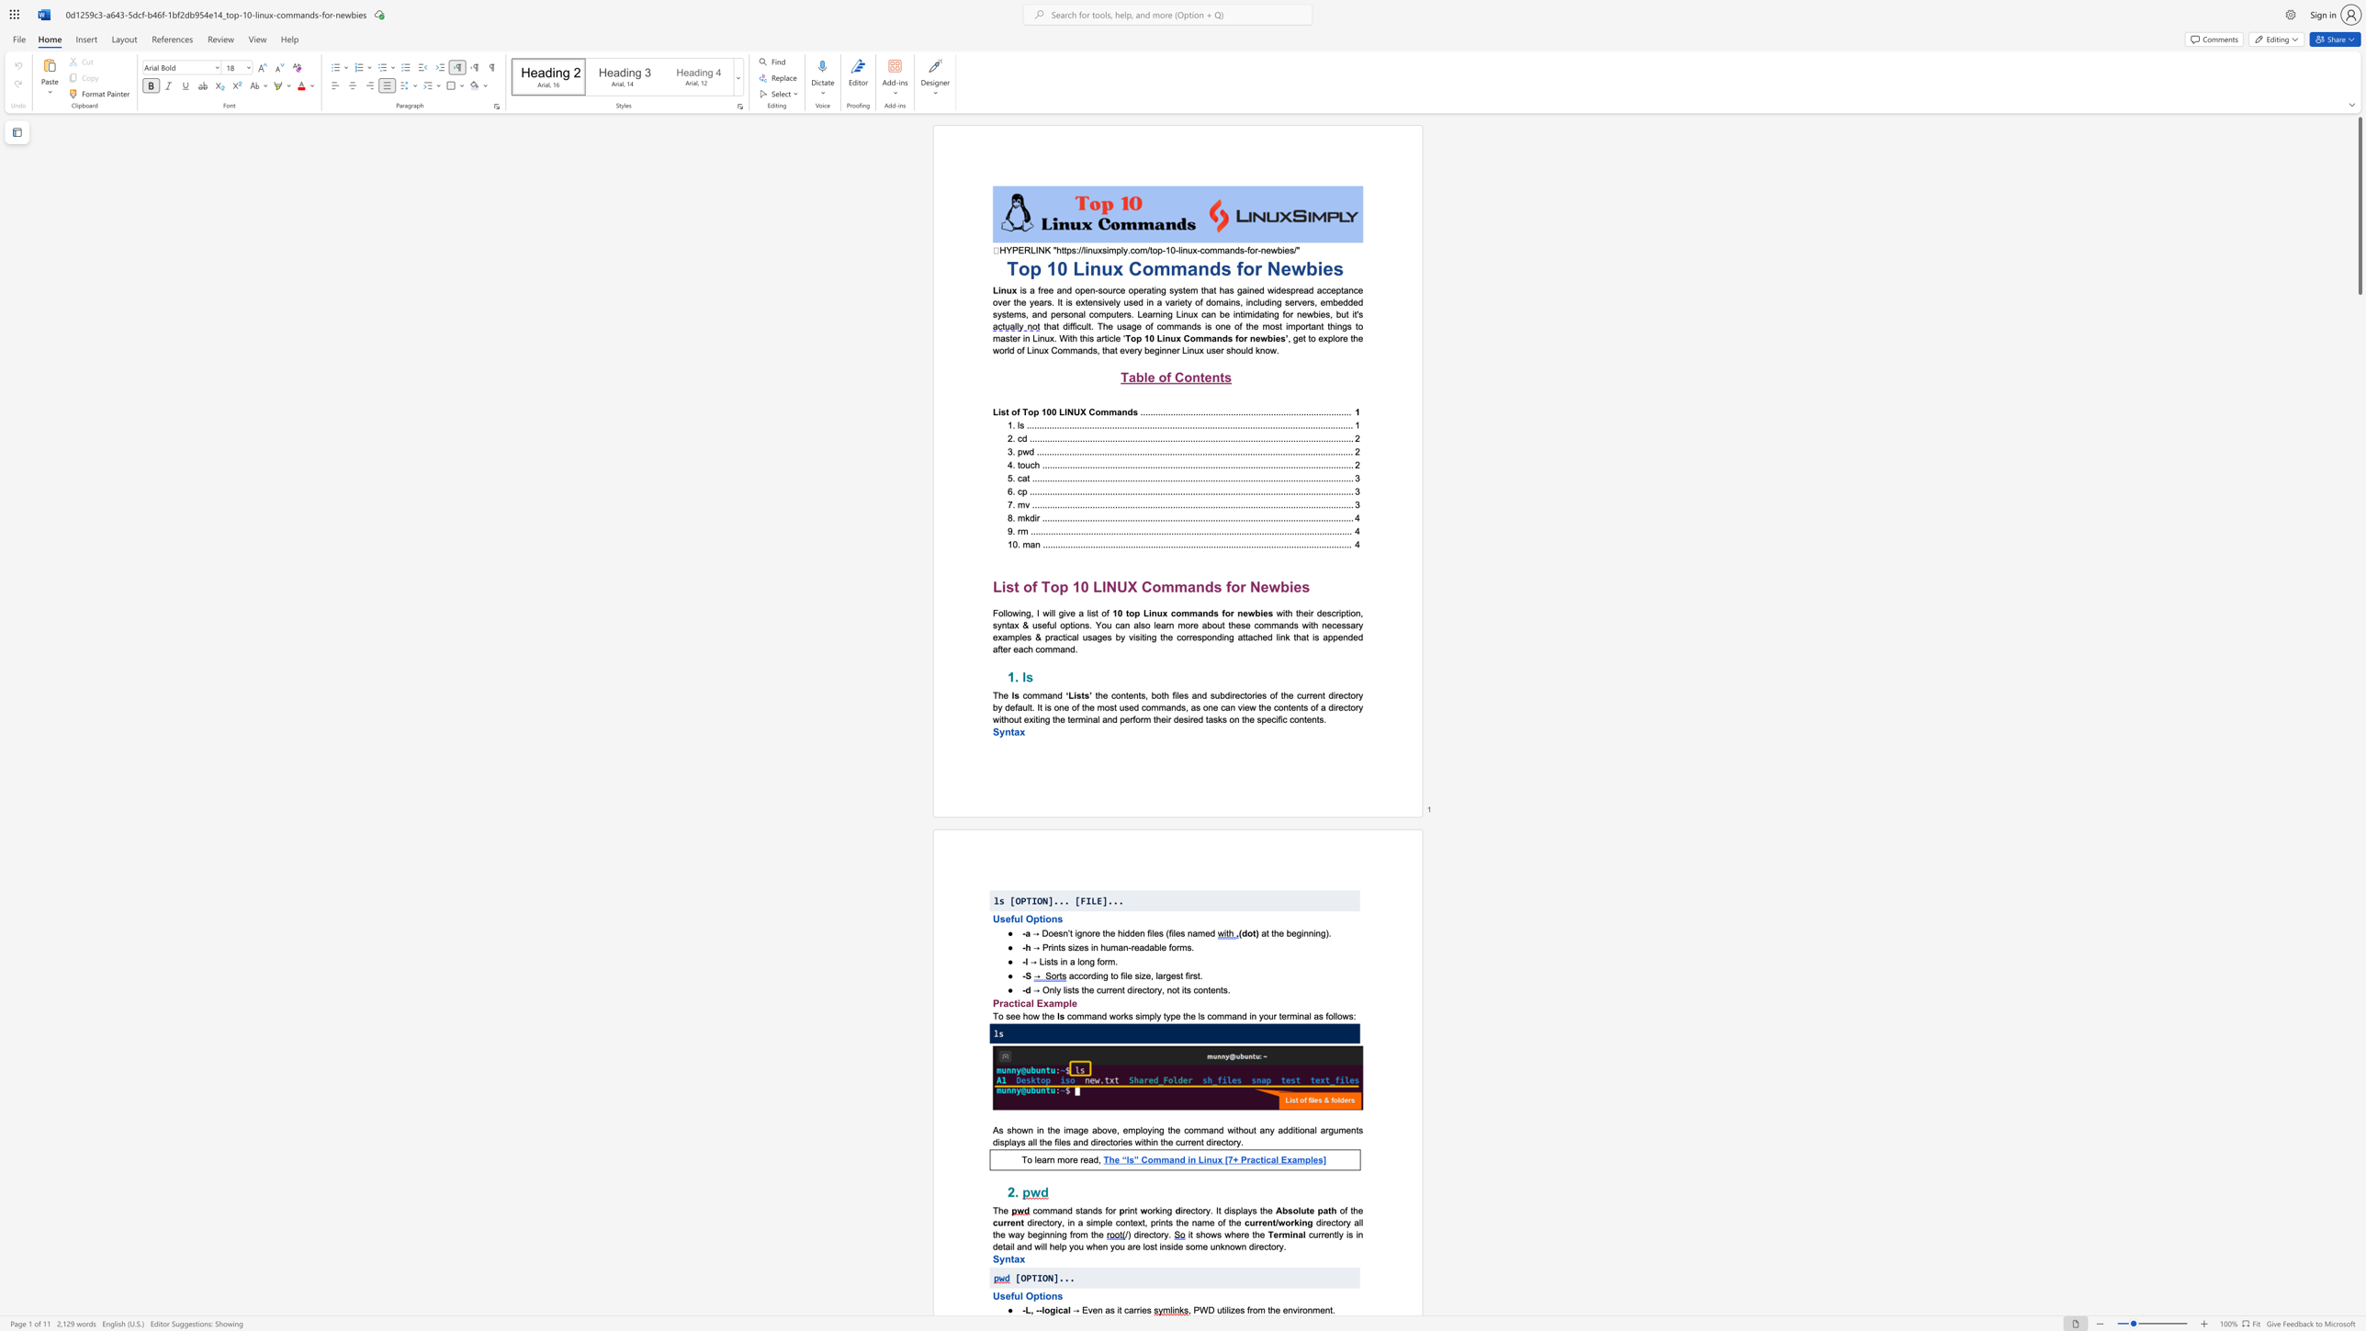 The height and width of the screenshot is (1331, 2366). Describe the element at coordinates (1193, 947) in the screenshot. I see `the 1th character "." in the text` at that location.